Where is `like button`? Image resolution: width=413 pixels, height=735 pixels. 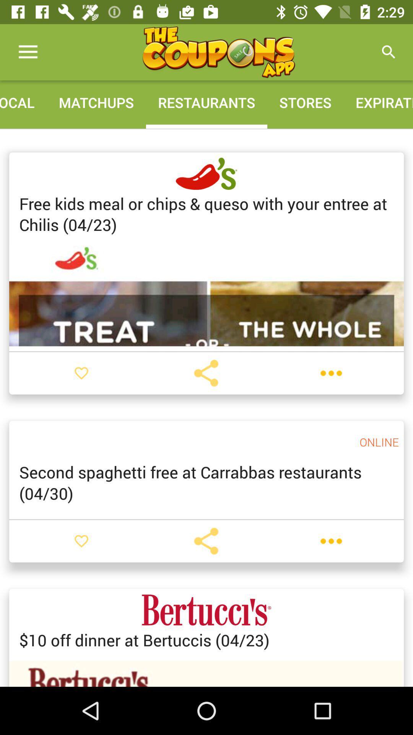
like button is located at coordinates (81, 541).